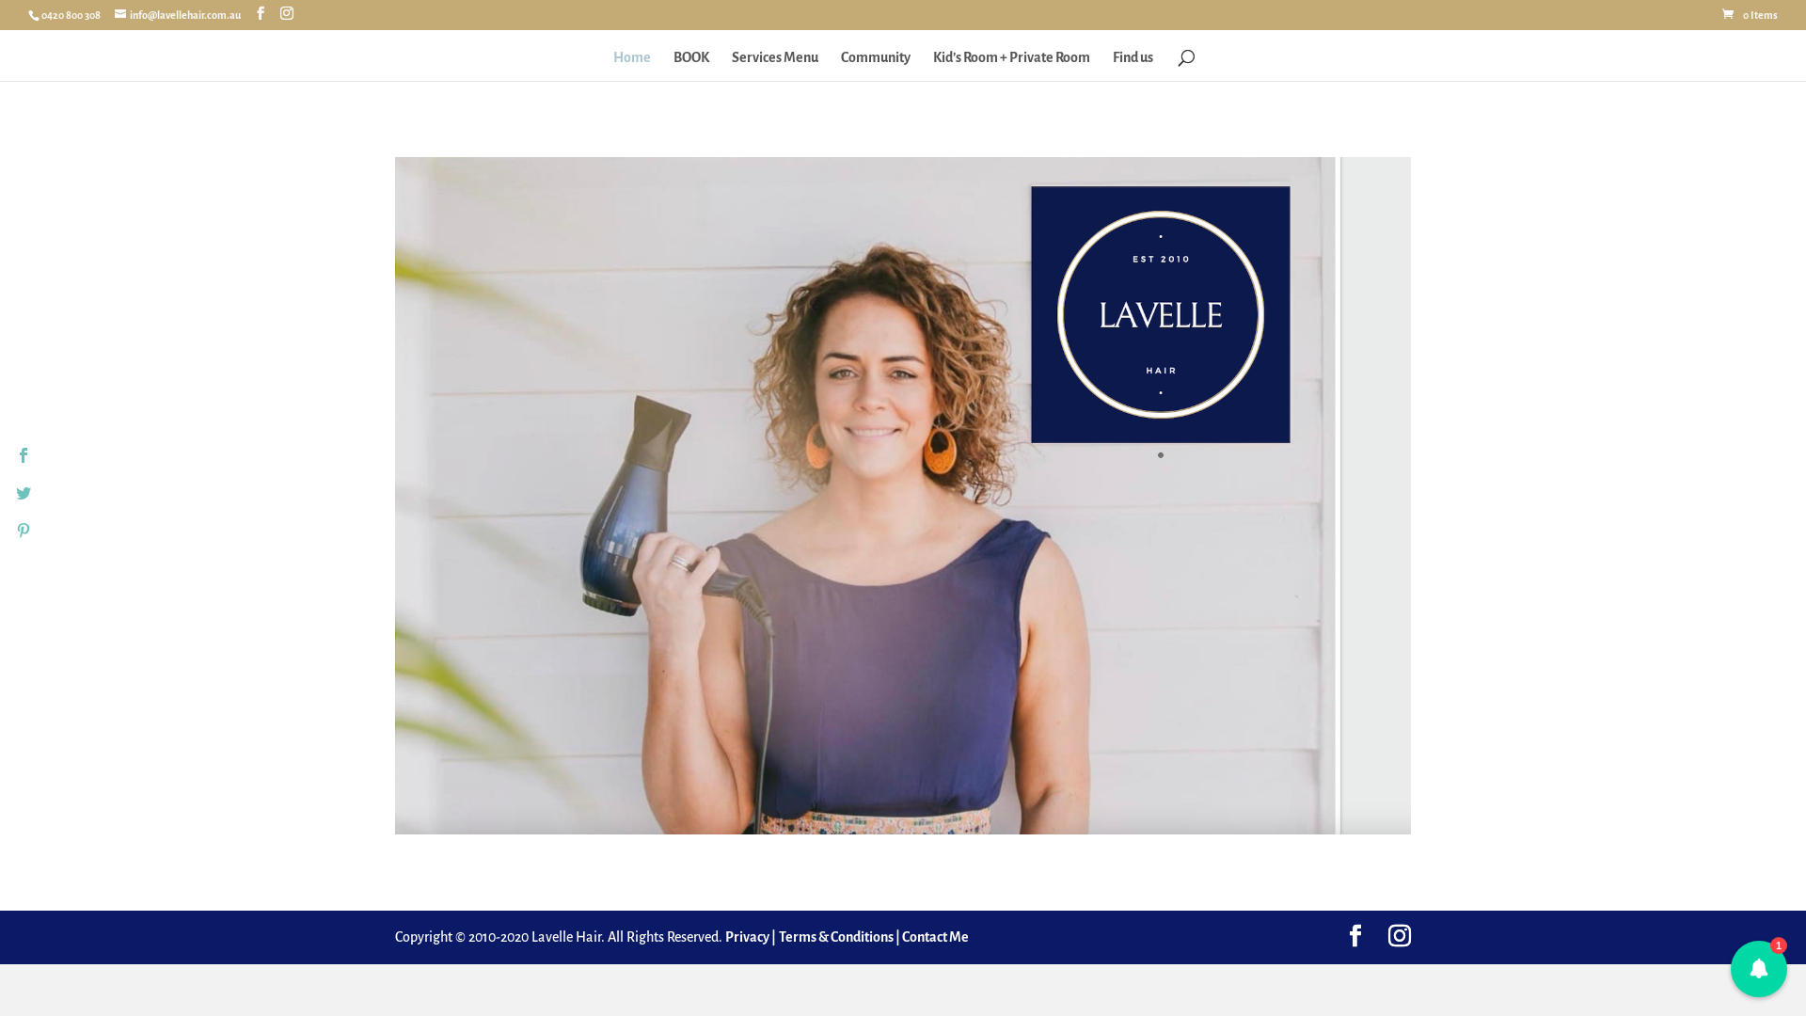 The width and height of the screenshot is (1806, 1016). Describe the element at coordinates (1132, 64) in the screenshot. I see `'Find us'` at that location.